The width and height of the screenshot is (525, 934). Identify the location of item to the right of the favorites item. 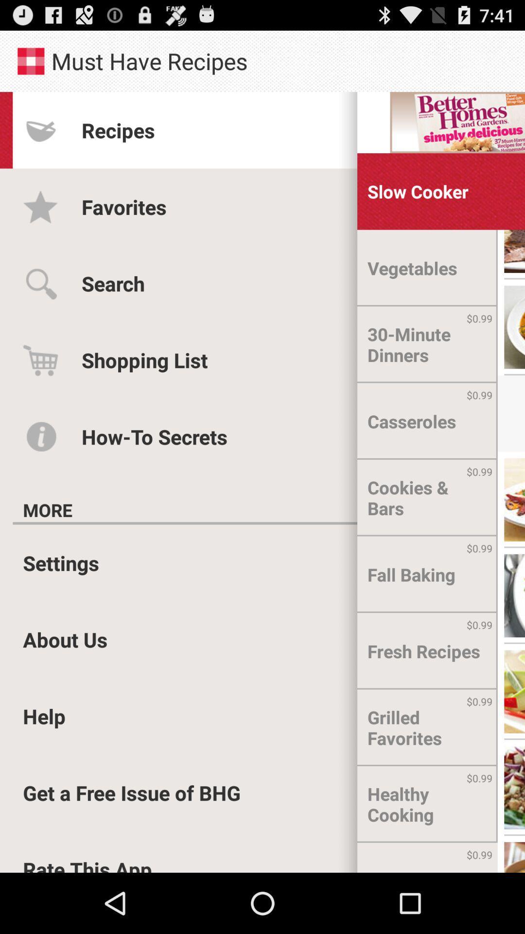
(417, 191).